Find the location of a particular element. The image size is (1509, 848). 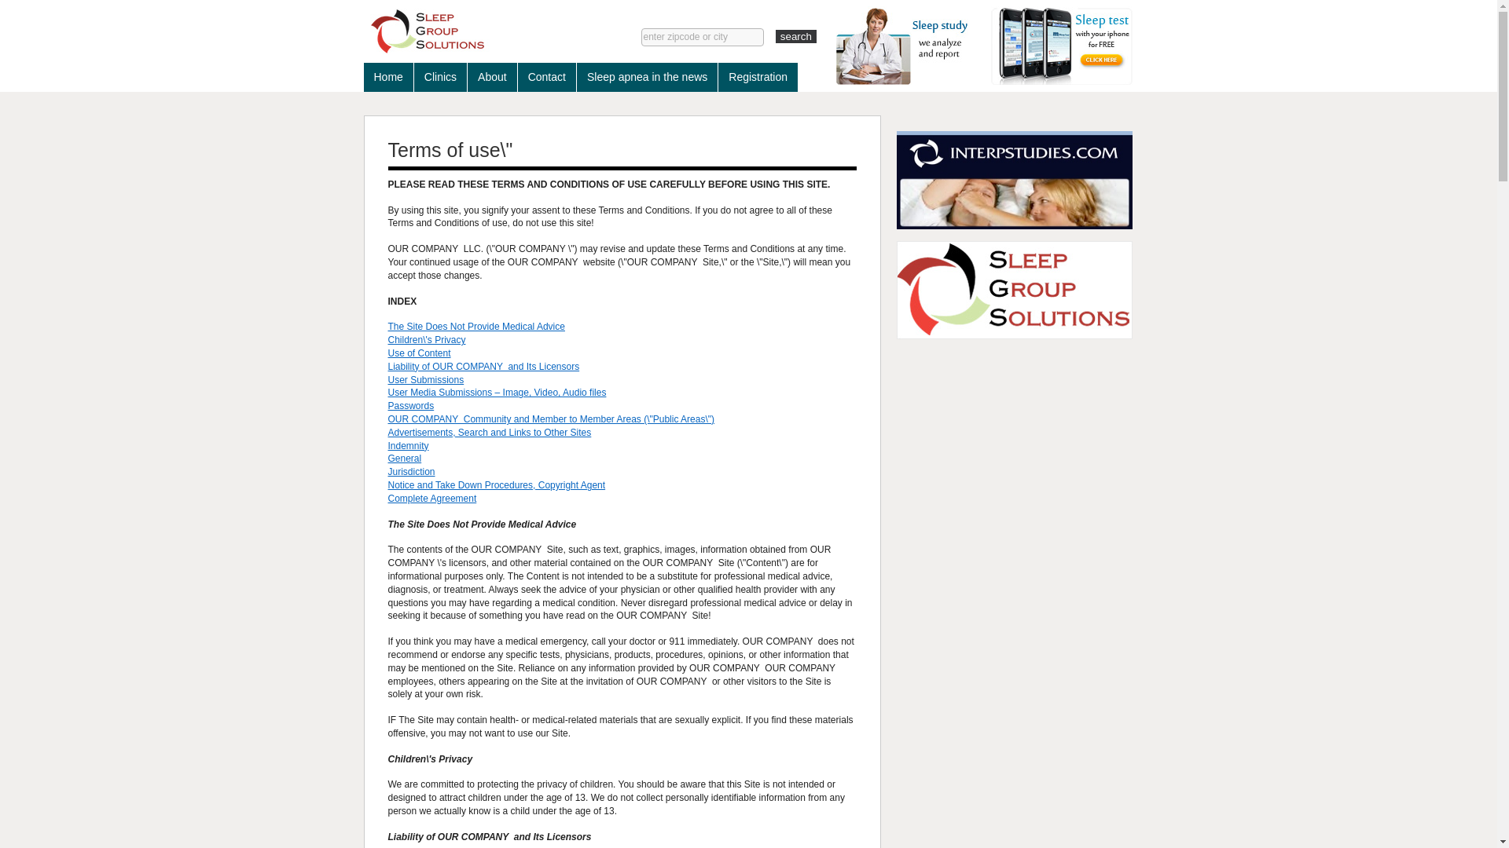

'Home' is located at coordinates (362, 77).